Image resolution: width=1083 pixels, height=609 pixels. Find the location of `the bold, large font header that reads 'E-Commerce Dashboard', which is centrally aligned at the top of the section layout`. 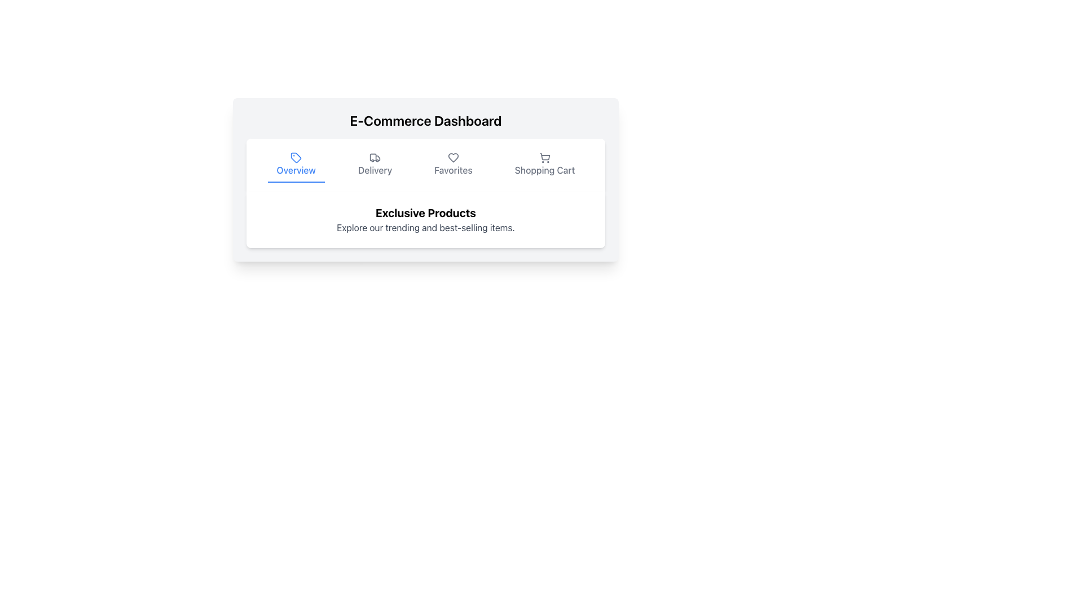

the bold, large font header that reads 'E-Commerce Dashboard', which is centrally aligned at the top of the section layout is located at coordinates (425, 120).